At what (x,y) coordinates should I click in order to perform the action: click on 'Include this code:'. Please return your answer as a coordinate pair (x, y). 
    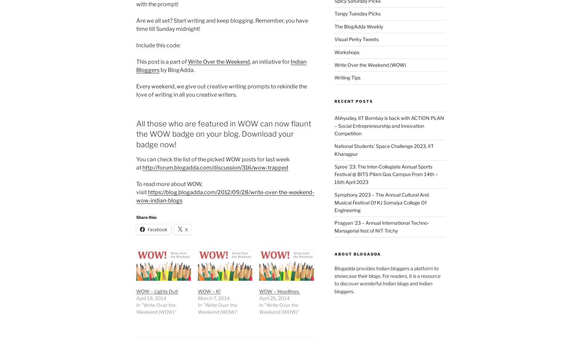
    Looking at the image, I should click on (158, 45).